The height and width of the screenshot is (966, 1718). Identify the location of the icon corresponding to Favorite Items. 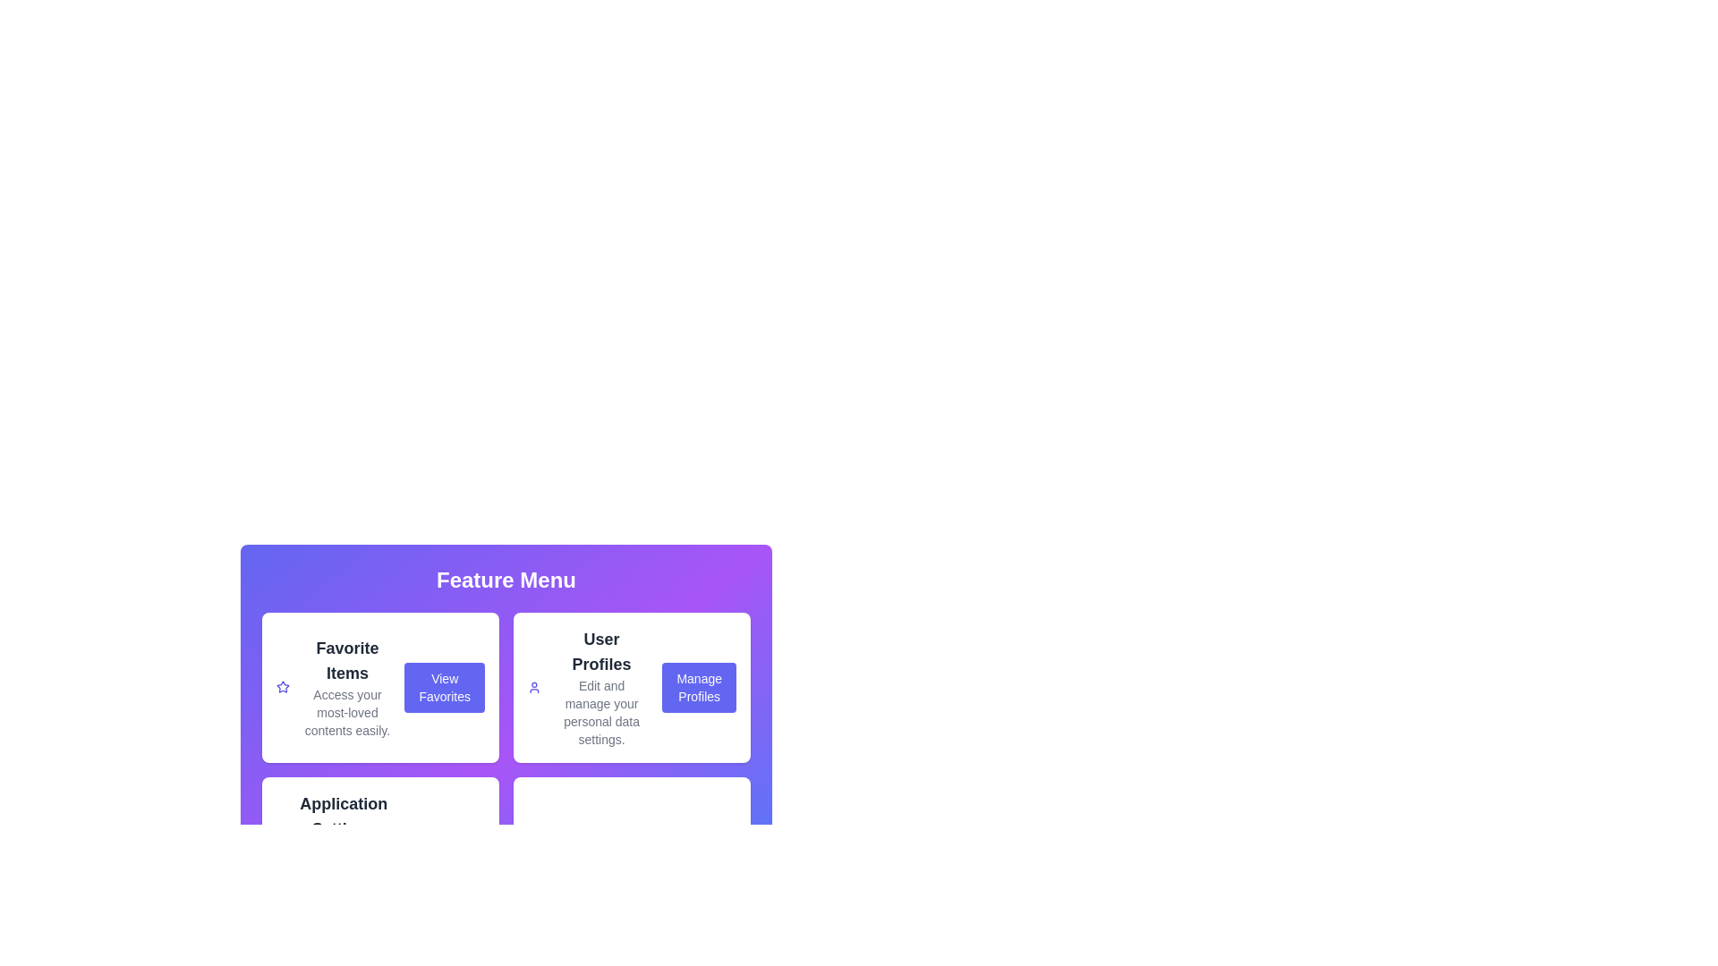
(282, 686).